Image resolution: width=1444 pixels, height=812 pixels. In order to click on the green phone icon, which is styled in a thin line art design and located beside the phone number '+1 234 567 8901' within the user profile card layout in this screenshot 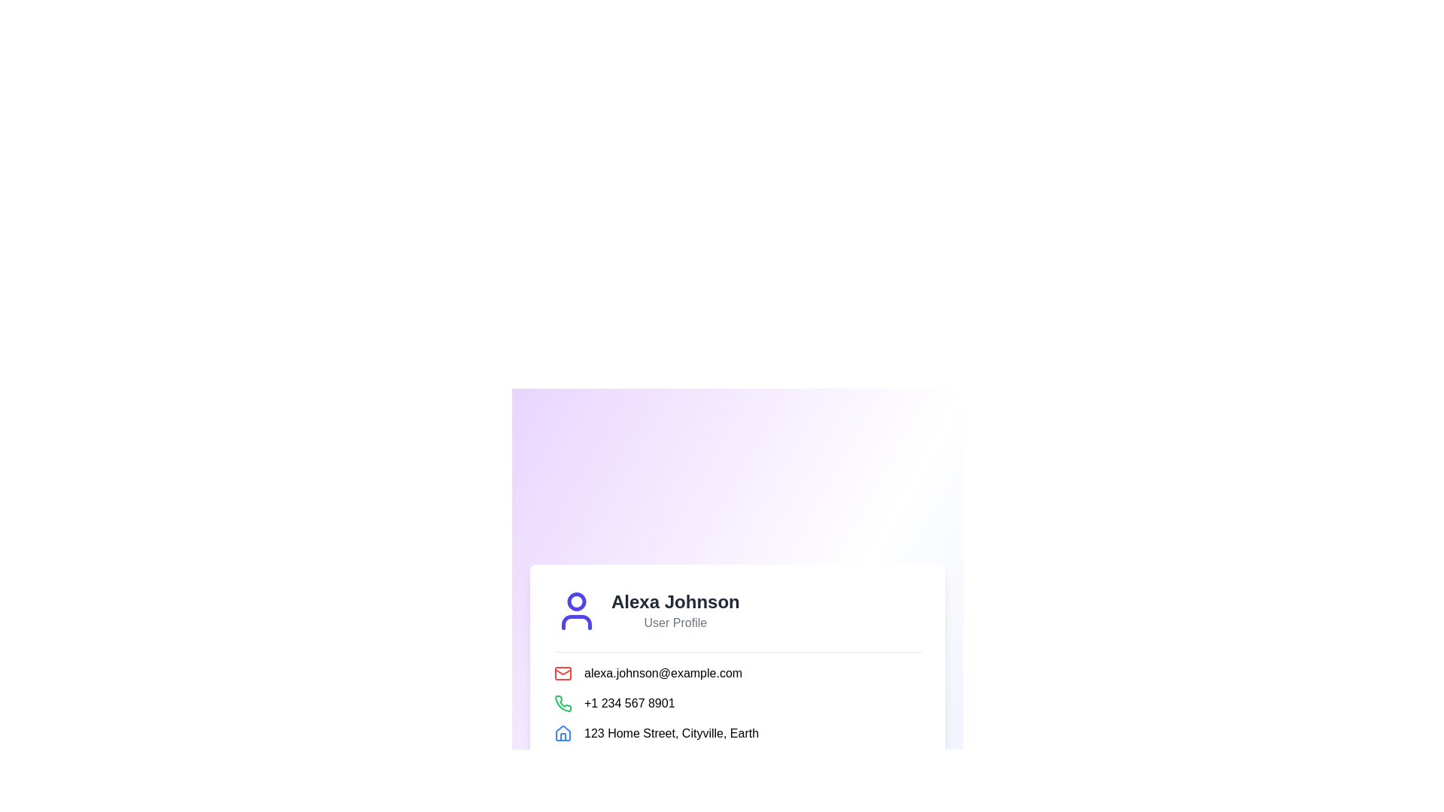, I will do `click(562, 703)`.